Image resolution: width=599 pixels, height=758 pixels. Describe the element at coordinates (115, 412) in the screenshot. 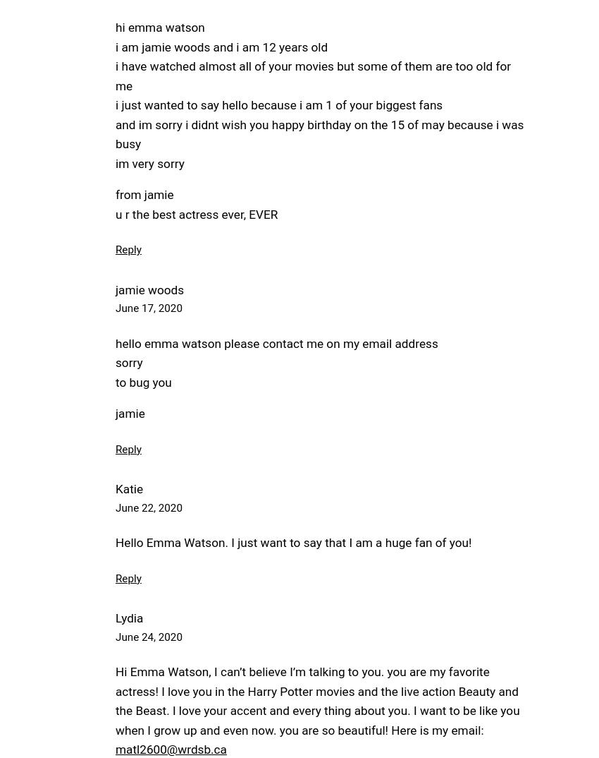

I see `'jamie'` at that location.